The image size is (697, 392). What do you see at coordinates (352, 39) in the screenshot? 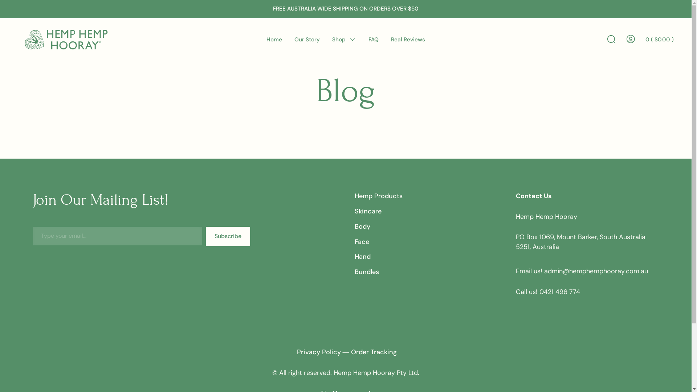
I see `'Menu Toggle'` at bounding box center [352, 39].